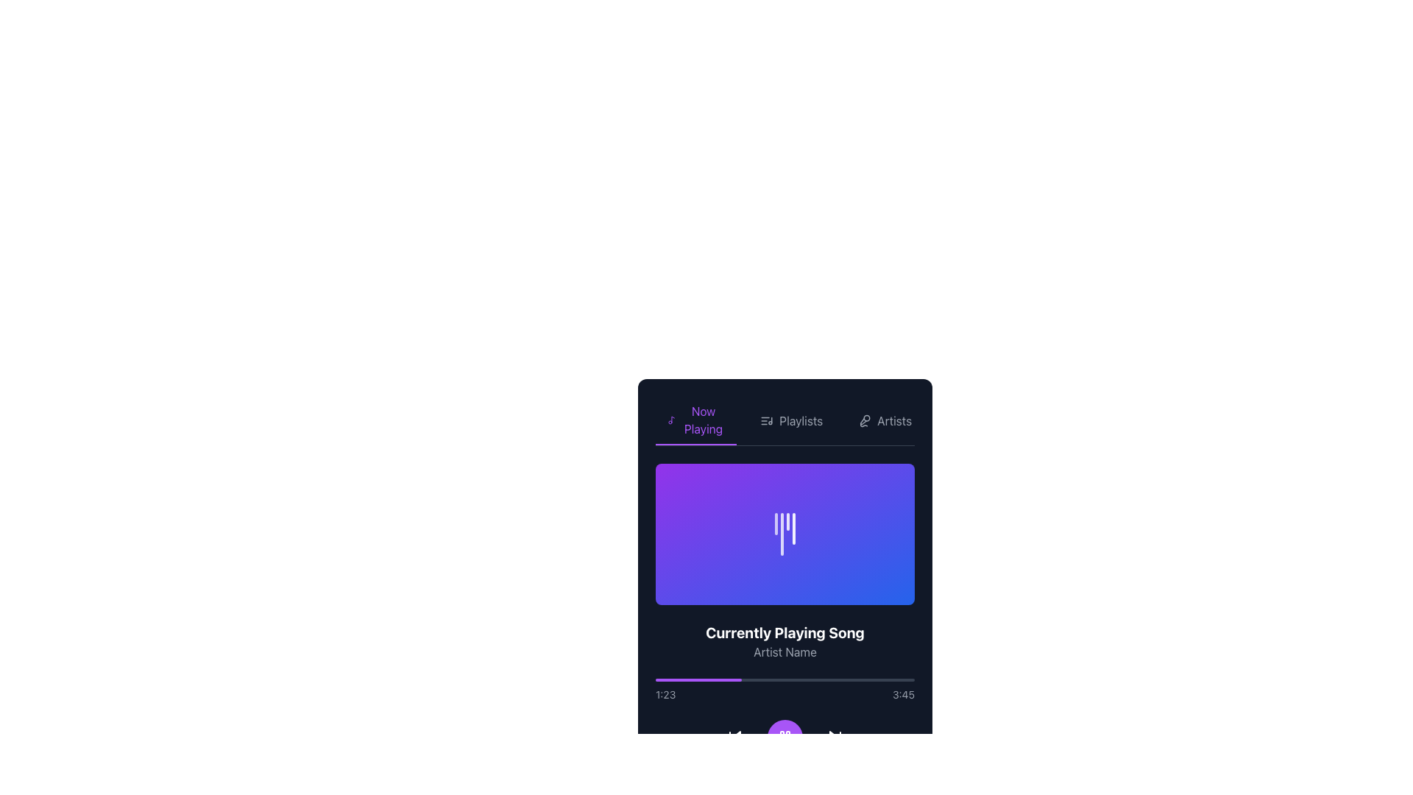  Describe the element at coordinates (793, 527) in the screenshot. I see `the fourth vertical waveform bar, which is a thin white bar with rounded ends, located near the center of the audio waveform display area` at that location.